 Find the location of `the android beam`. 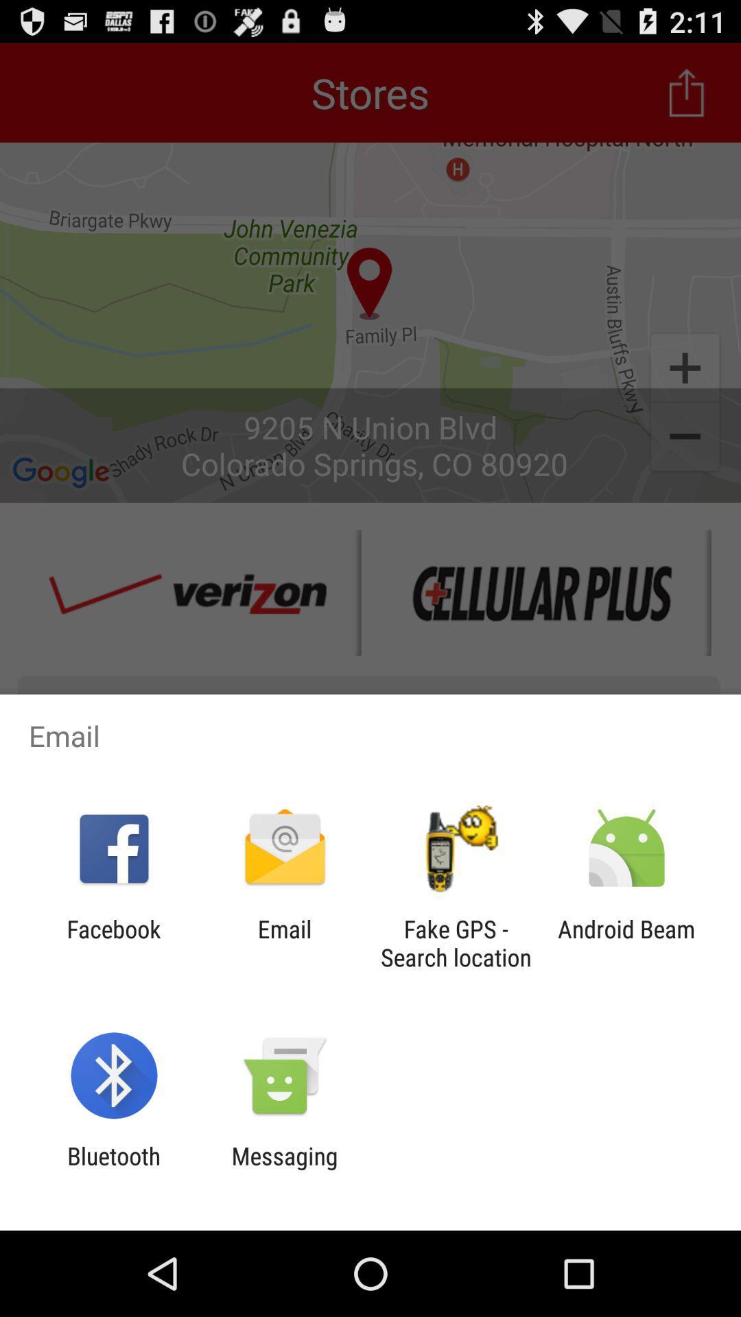

the android beam is located at coordinates (626, 942).